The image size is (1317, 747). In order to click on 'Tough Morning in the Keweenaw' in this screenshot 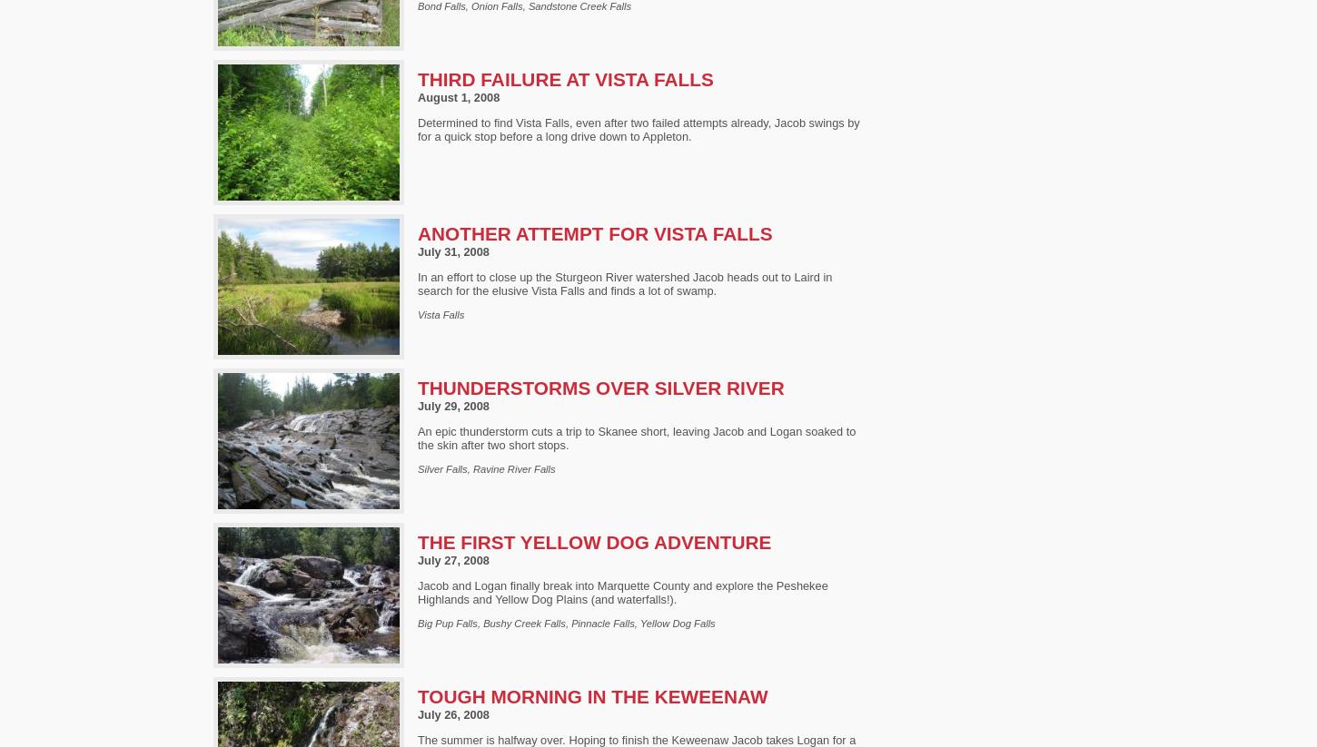, I will do `click(591, 695)`.